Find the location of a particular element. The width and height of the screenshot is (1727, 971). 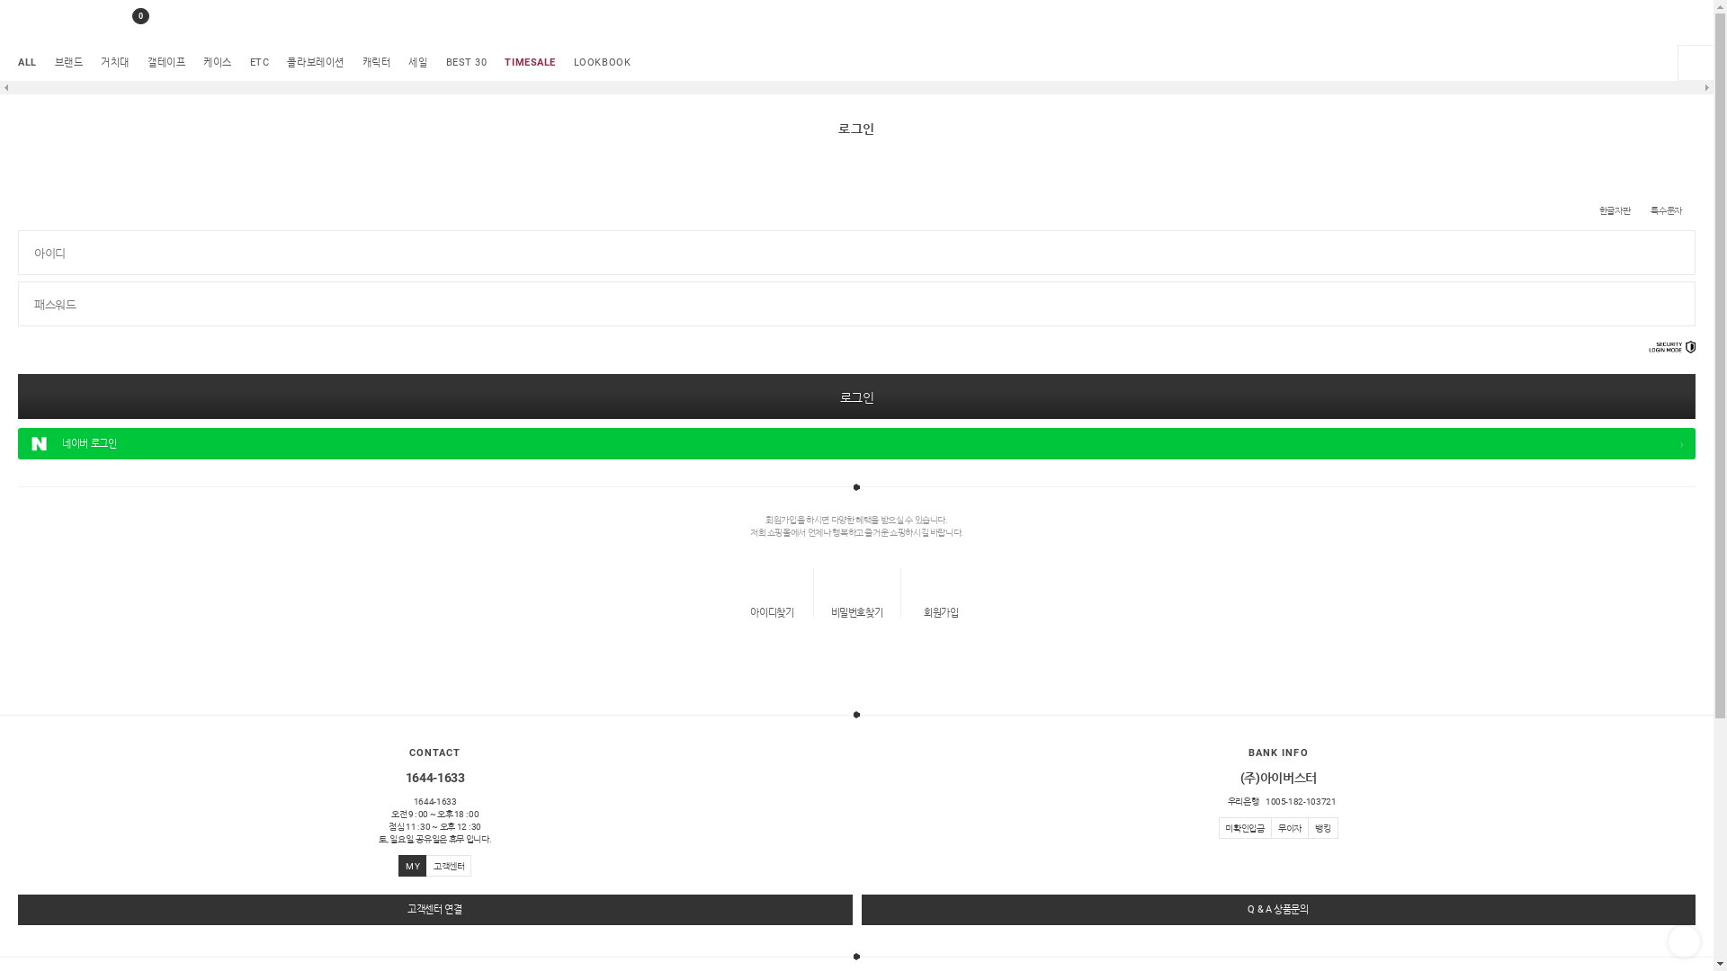

'M Y' is located at coordinates (411, 865).